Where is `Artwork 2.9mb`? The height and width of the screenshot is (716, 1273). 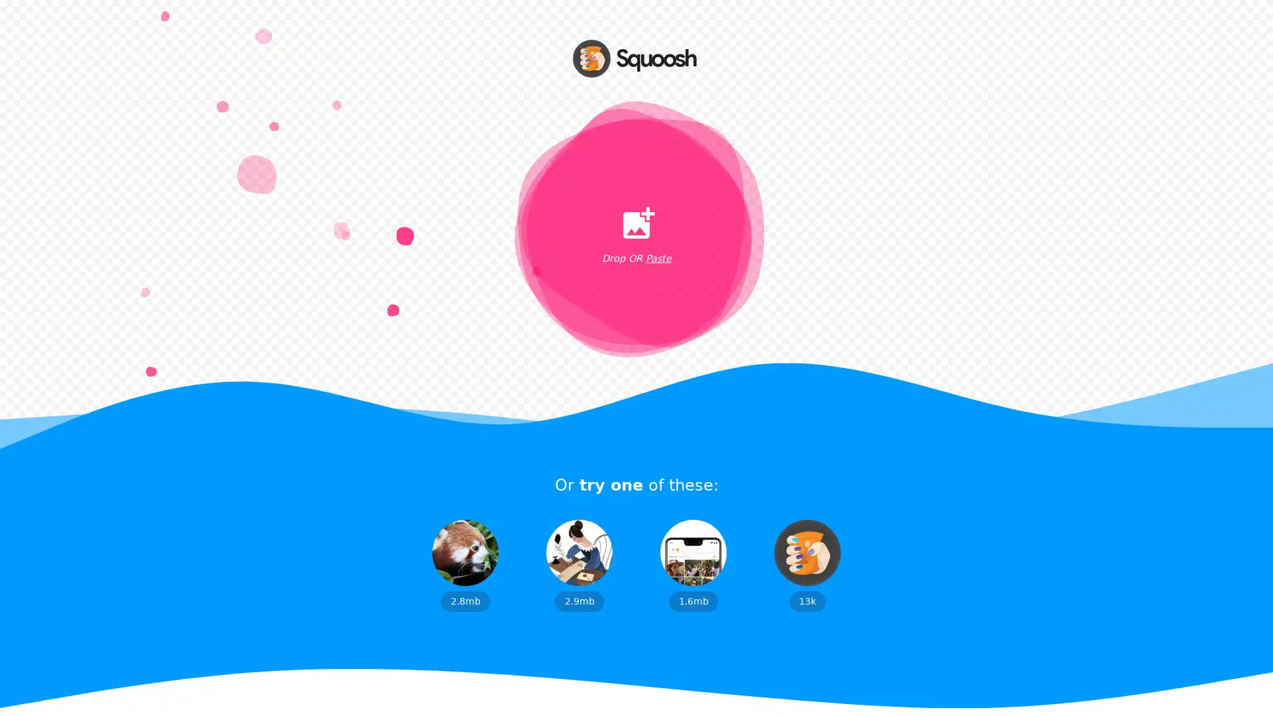
Artwork 2.9mb is located at coordinates (579, 565).